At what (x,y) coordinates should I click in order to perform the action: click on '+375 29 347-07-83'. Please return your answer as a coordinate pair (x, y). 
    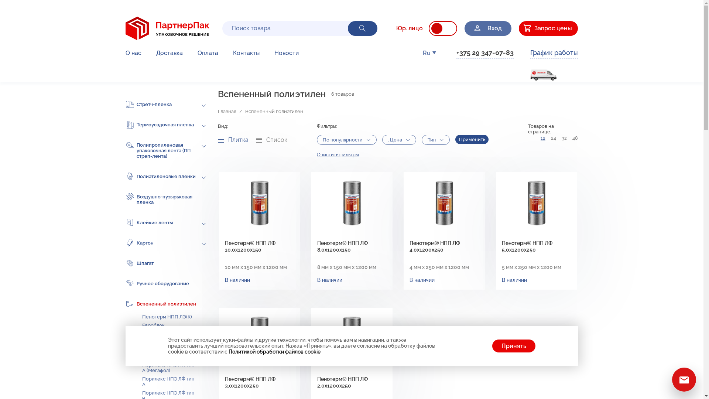
    Looking at the image, I should click on (485, 53).